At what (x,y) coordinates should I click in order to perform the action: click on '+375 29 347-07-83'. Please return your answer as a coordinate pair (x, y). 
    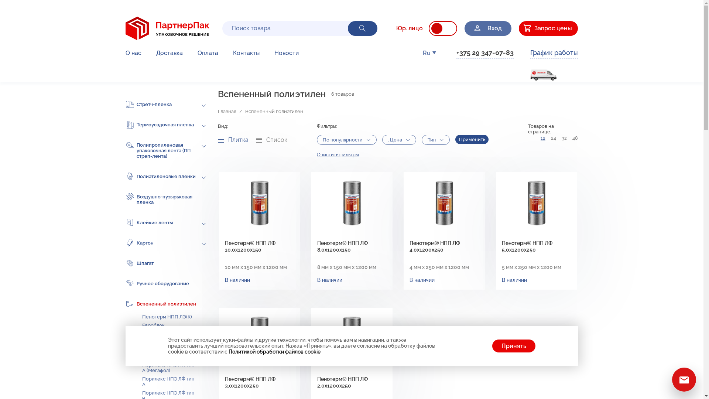
    Looking at the image, I should click on (485, 53).